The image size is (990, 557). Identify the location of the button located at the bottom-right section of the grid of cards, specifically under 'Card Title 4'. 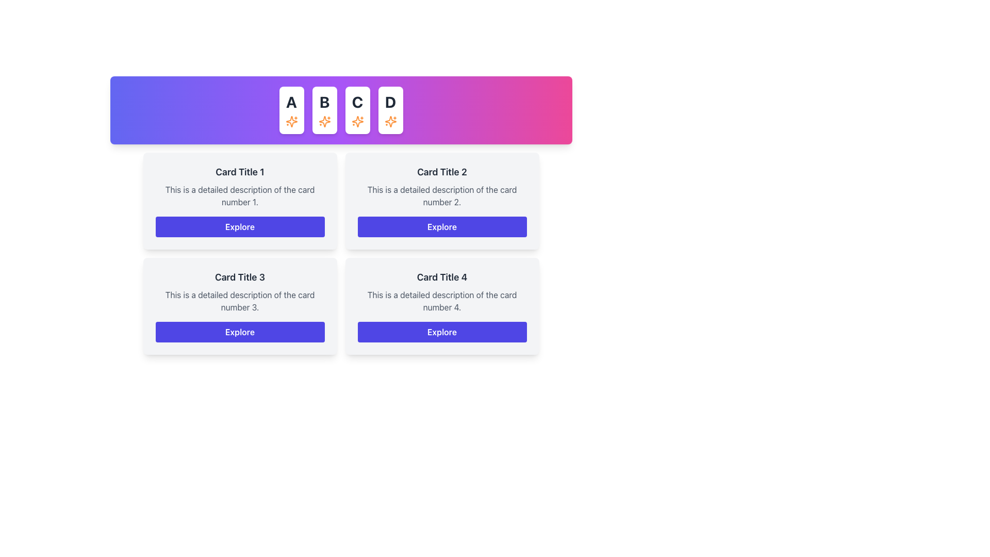
(442, 332).